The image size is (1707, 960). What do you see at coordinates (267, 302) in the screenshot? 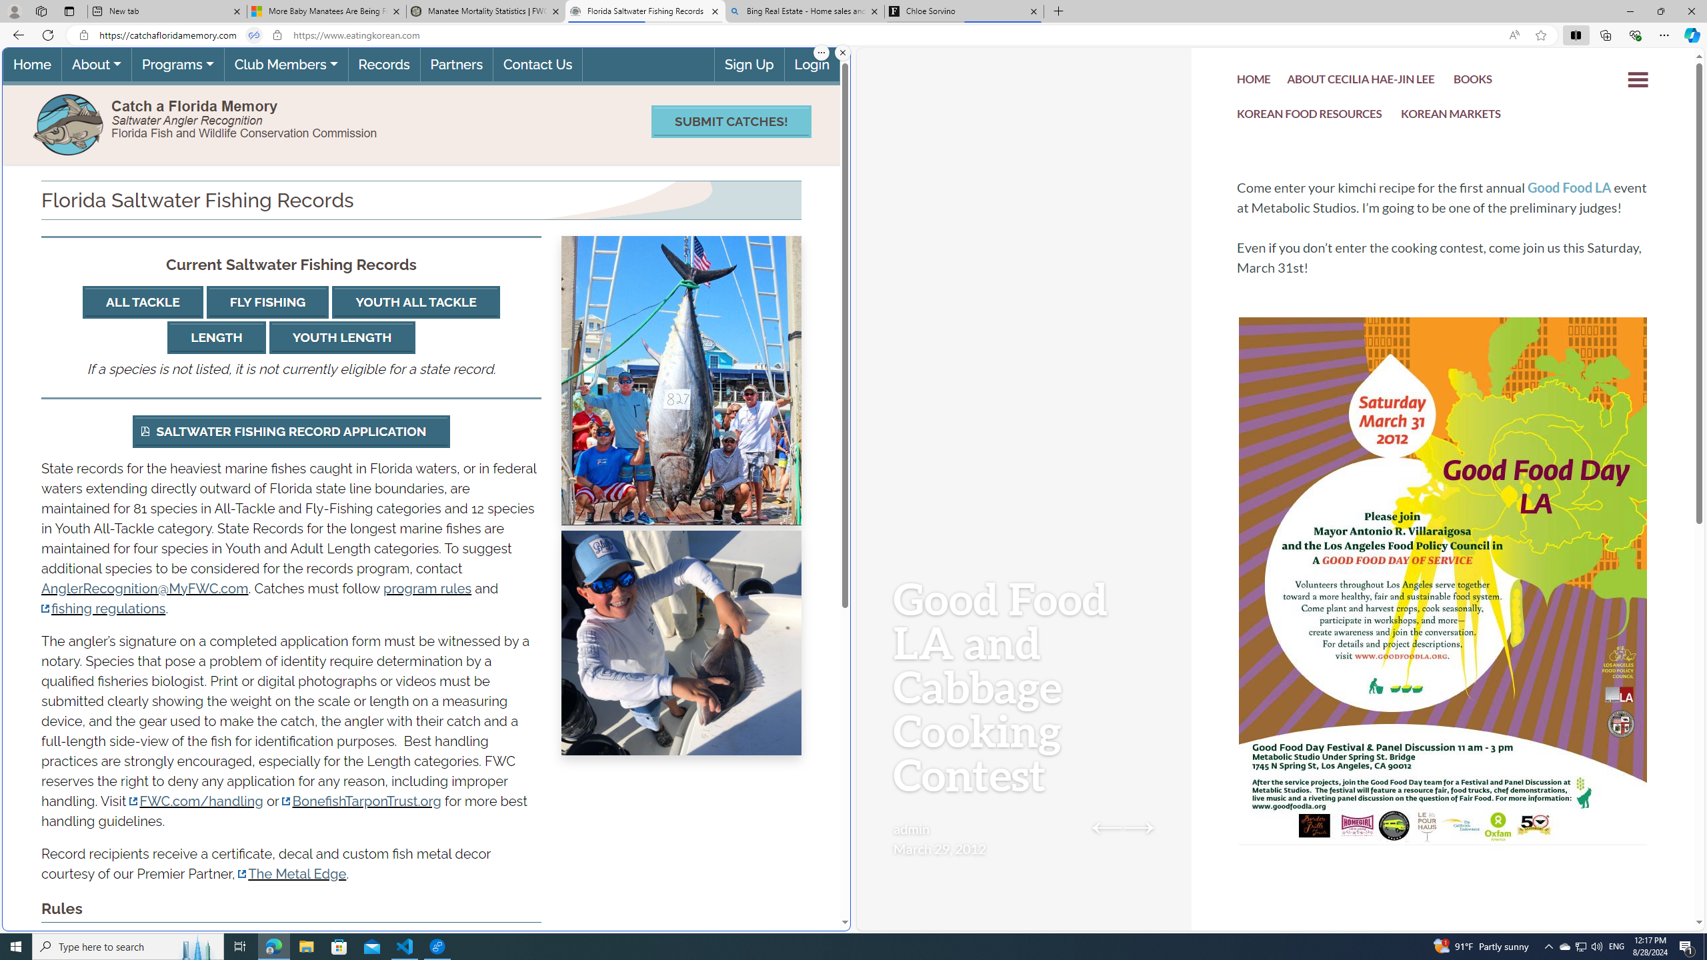
I see `'FLY FISHING'` at bounding box center [267, 302].